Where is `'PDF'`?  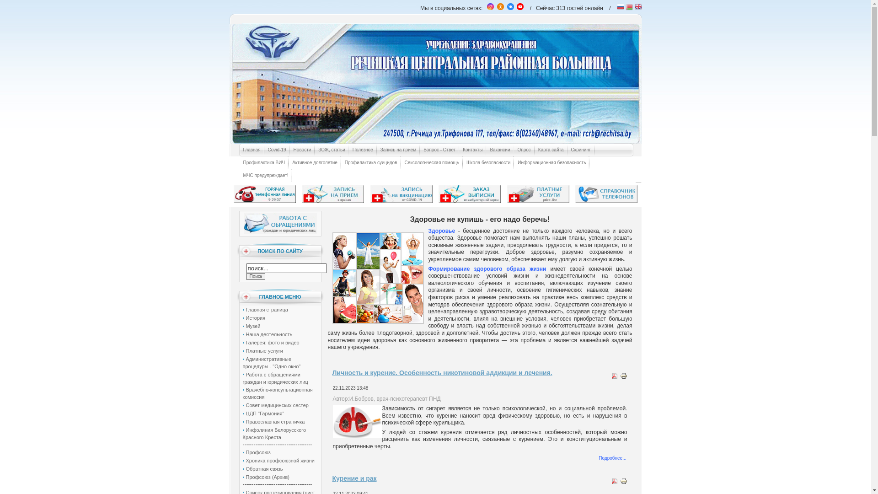
'PDF' is located at coordinates (615, 483).